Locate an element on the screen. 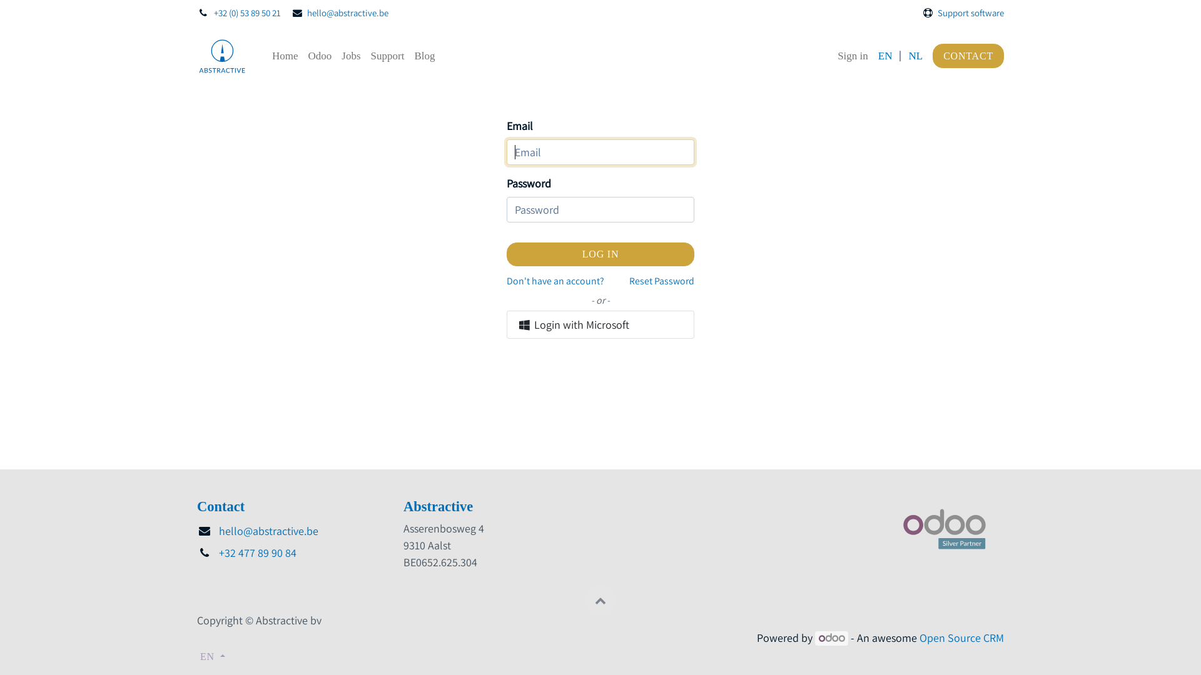 The width and height of the screenshot is (1201, 675). 'Support software' is located at coordinates (970, 12).